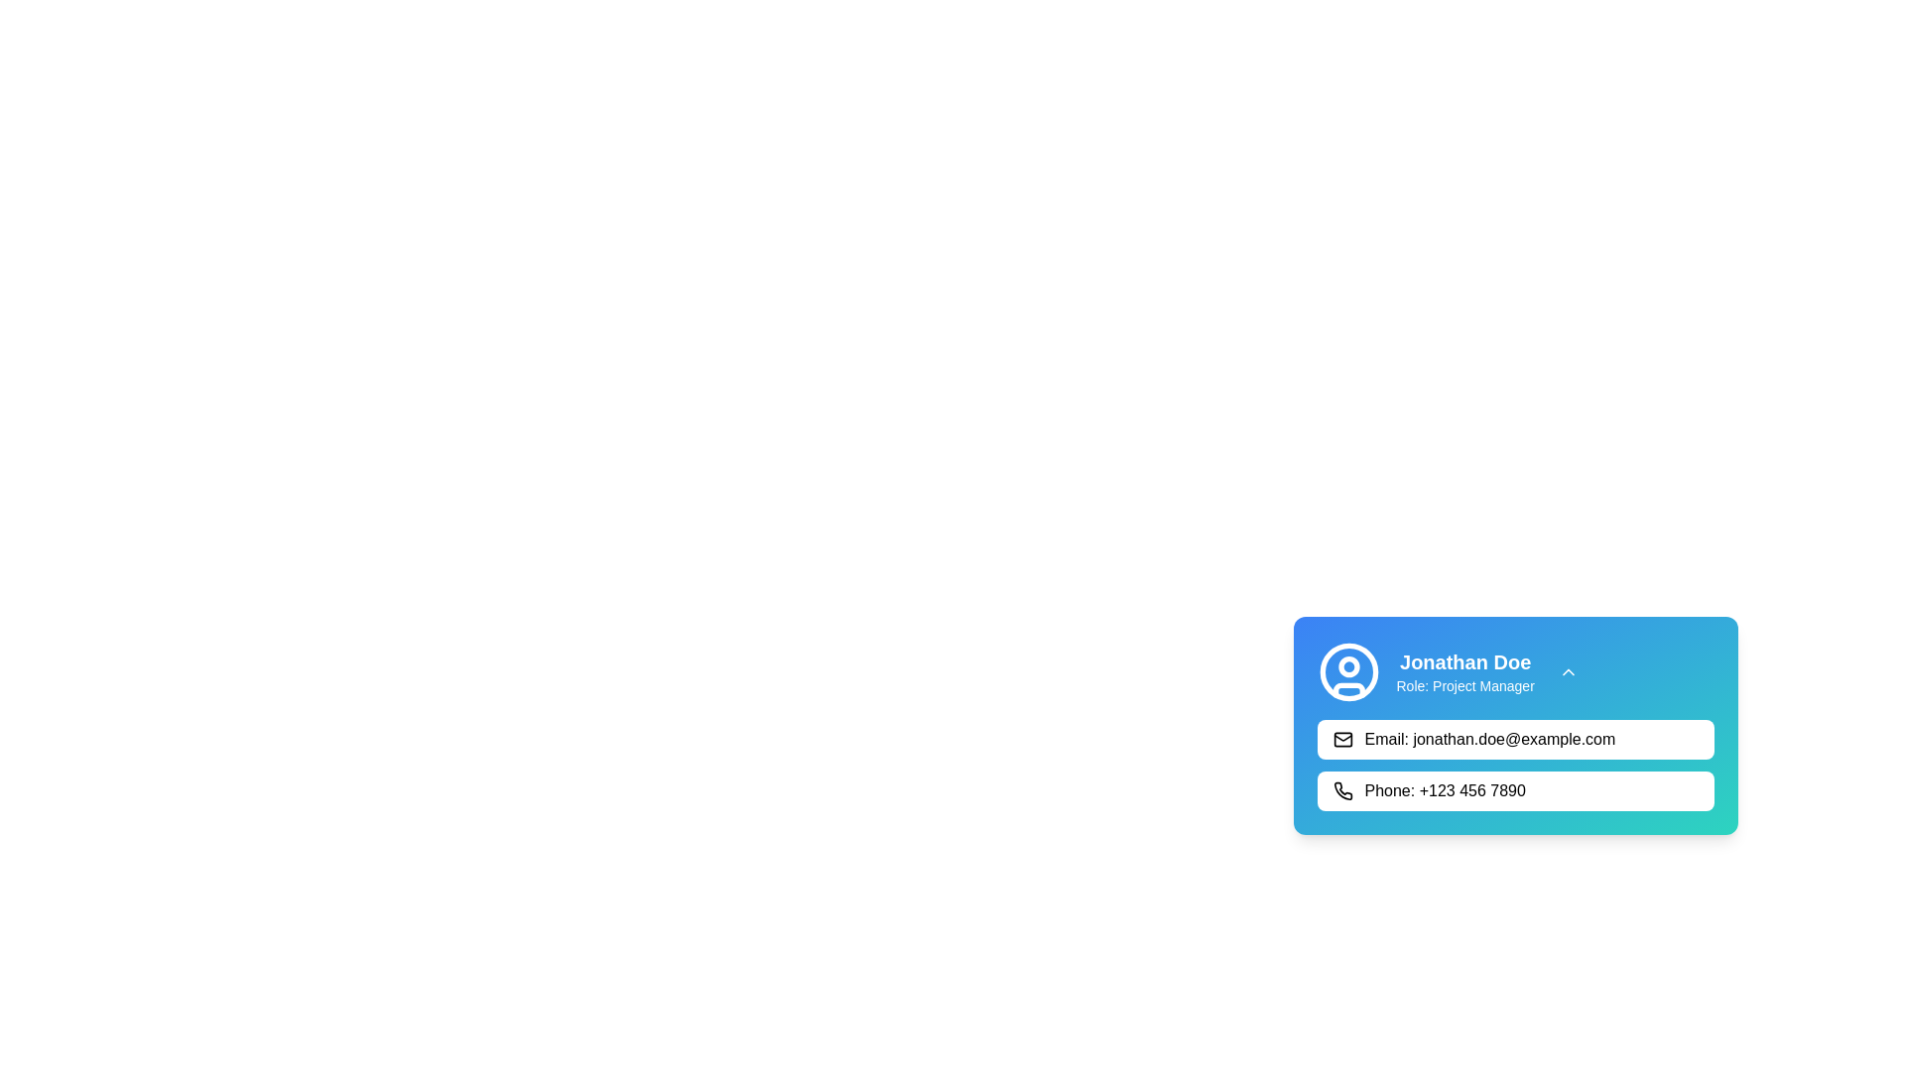 The width and height of the screenshot is (1905, 1071). I want to click on the circular graphical element that is part of a user profile icon located at the top-left corner of a card on a gradient blue background, so click(1348, 671).